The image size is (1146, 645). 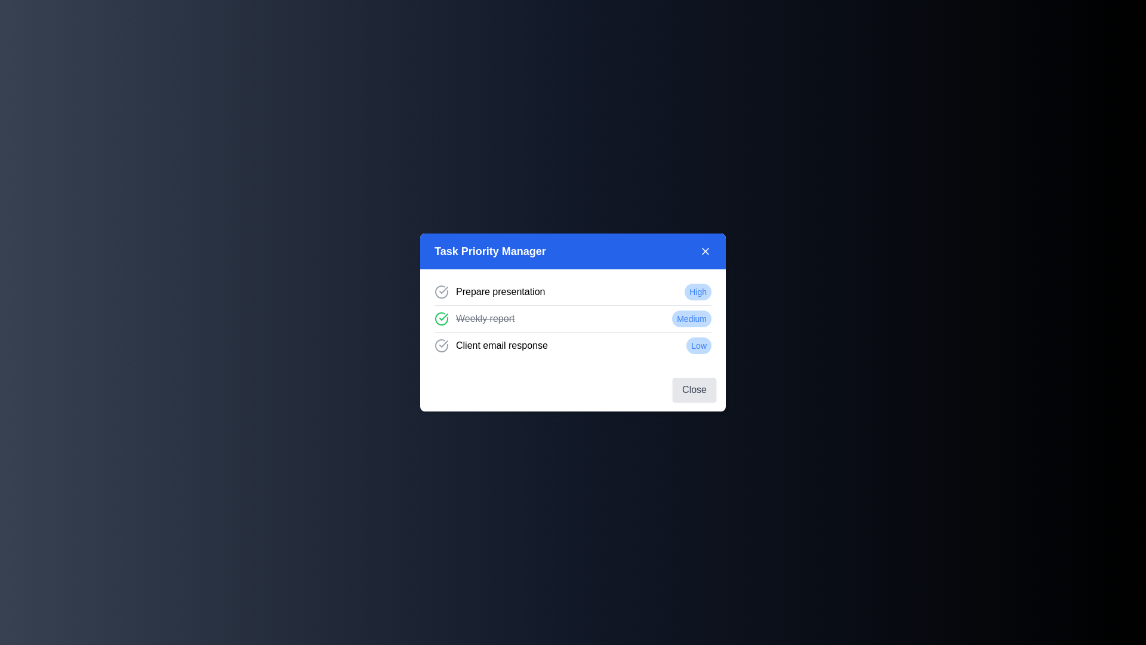 I want to click on the 'Medium' badge with a light blue background located on the right side of the 'Weekly report' row in the table, so click(x=692, y=318).